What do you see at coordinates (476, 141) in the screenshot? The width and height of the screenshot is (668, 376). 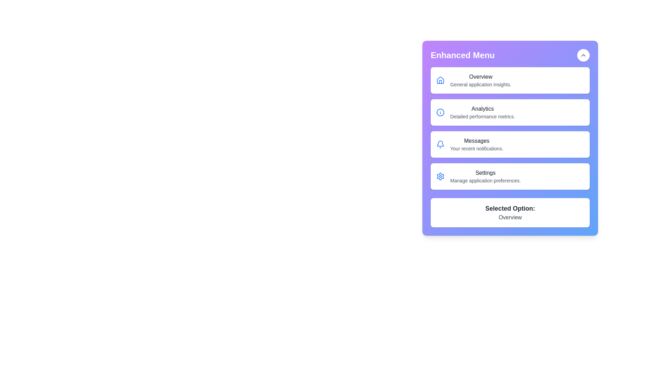 I see `the Static text label displaying 'Messages' located in the menu list panel under the 'Analytics' section` at bounding box center [476, 141].